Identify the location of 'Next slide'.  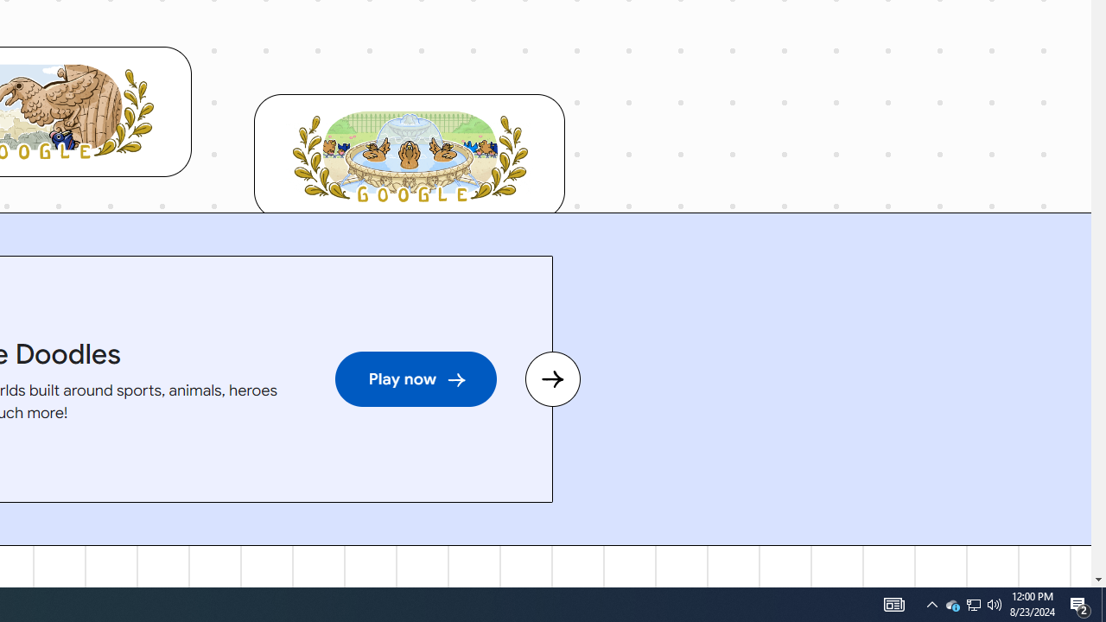
(551, 378).